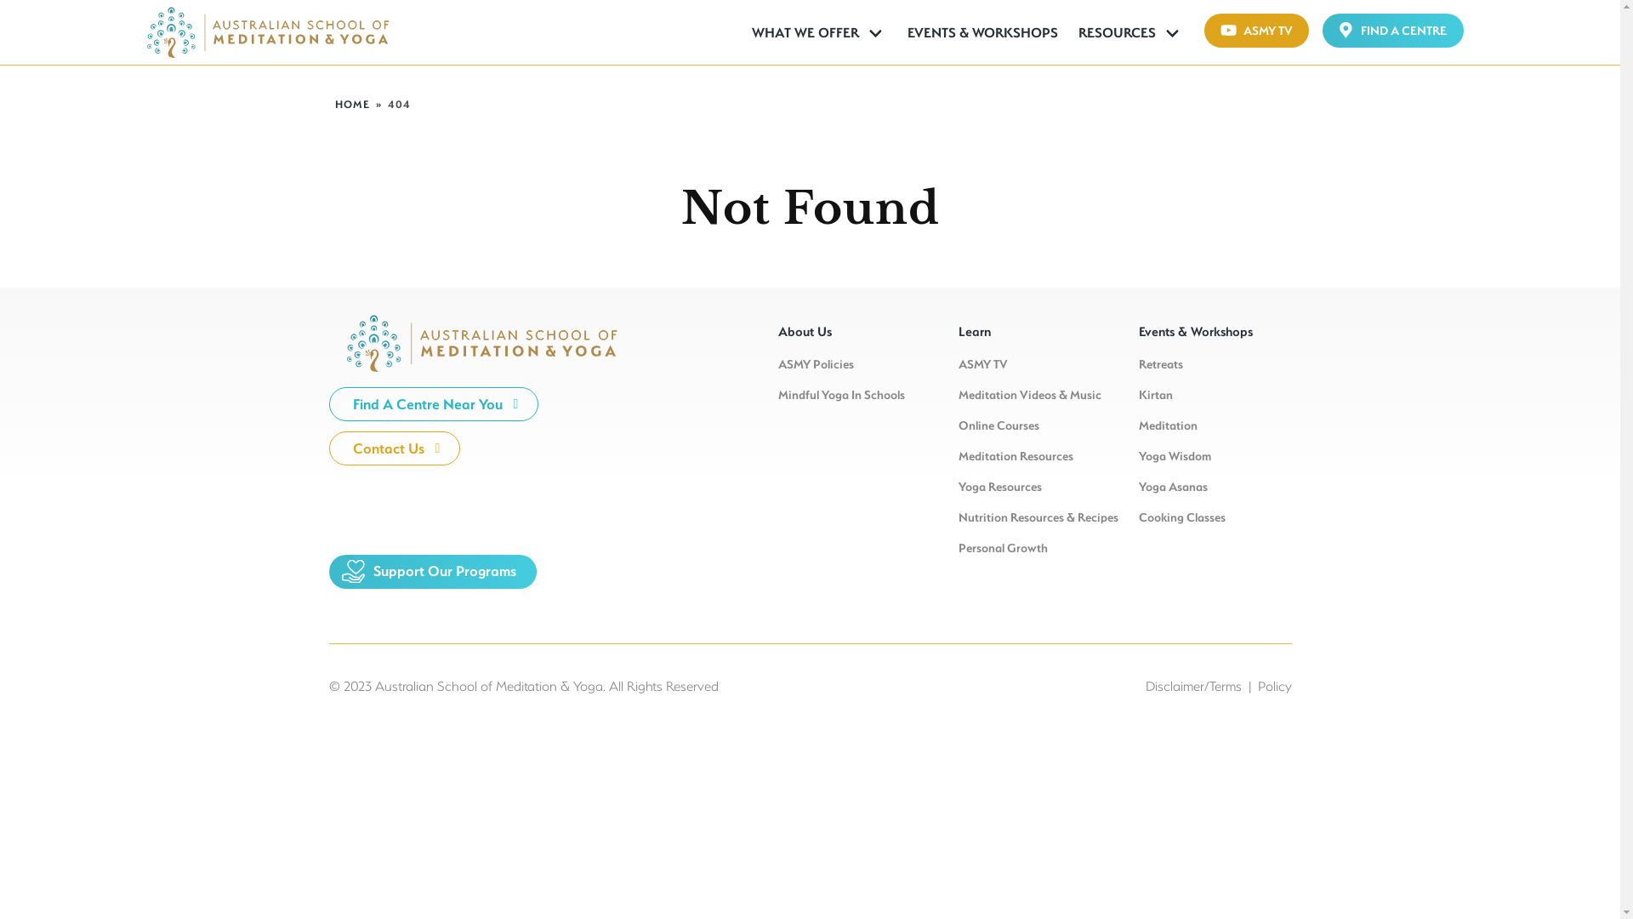 Image resolution: width=1633 pixels, height=919 pixels. What do you see at coordinates (433, 403) in the screenshot?
I see `'Find A Centre Near You'` at bounding box center [433, 403].